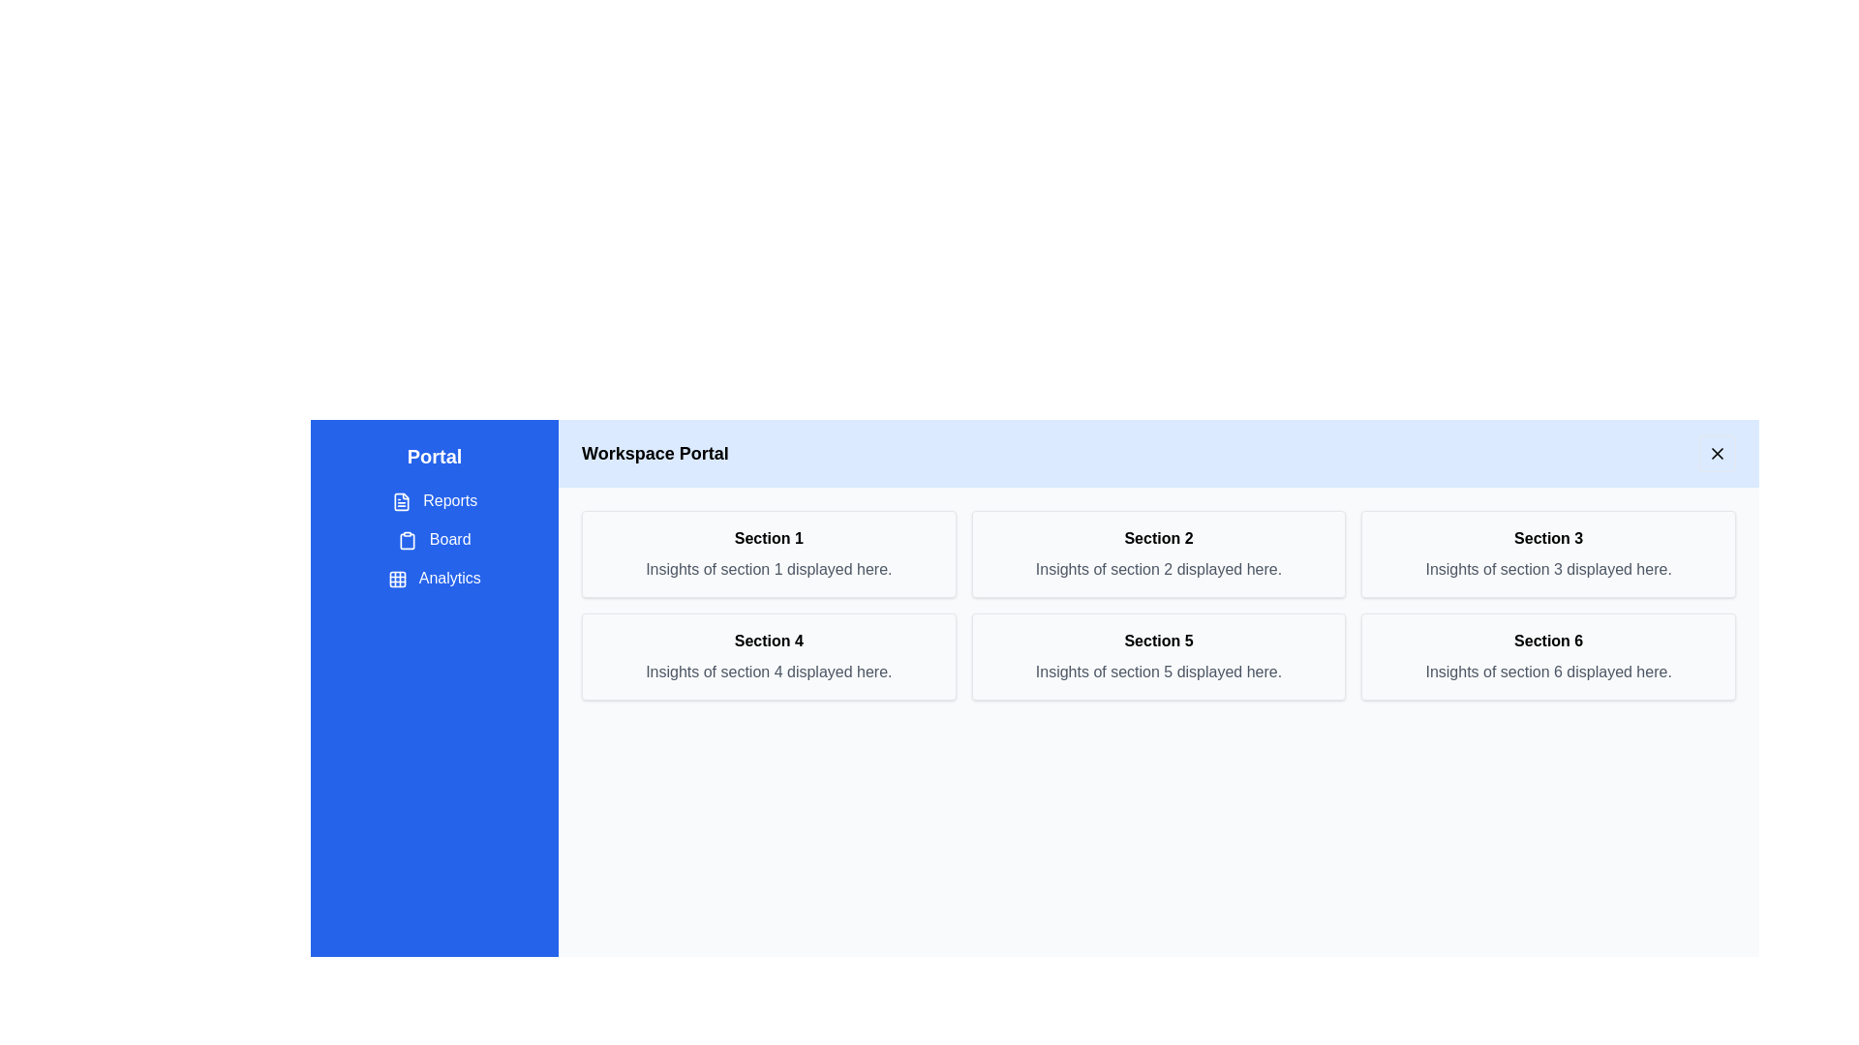 The height and width of the screenshot is (1045, 1859). I want to click on the bold text label reading 'Workspace Portal' located in the blue header bar near the top-left corner of the interface, so click(655, 454).